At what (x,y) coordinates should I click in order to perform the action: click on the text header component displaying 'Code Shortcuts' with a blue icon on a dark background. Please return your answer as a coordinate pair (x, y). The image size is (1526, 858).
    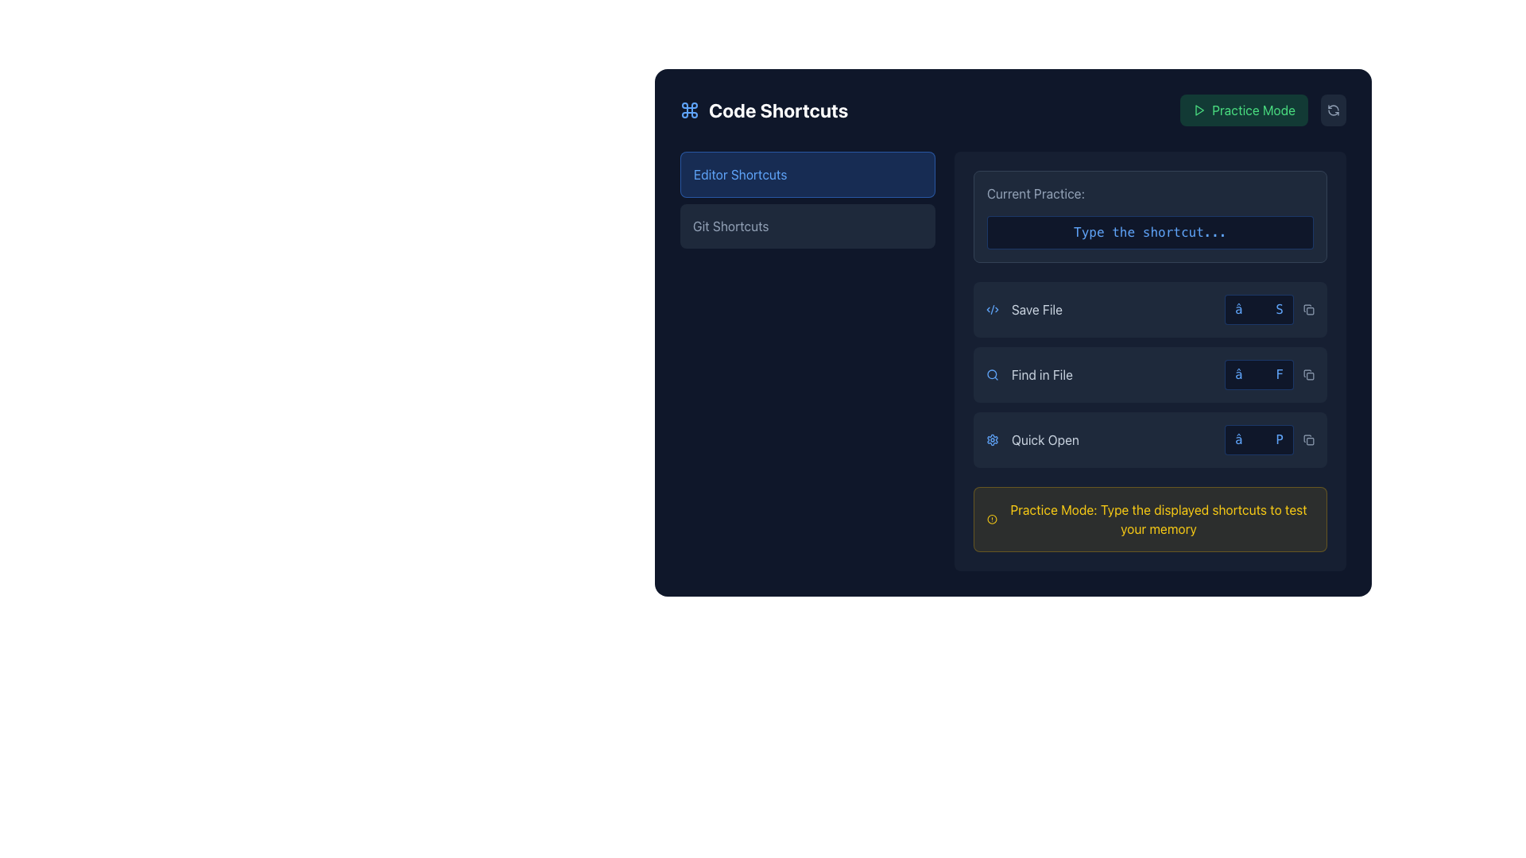
    Looking at the image, I should click on (764, 109).